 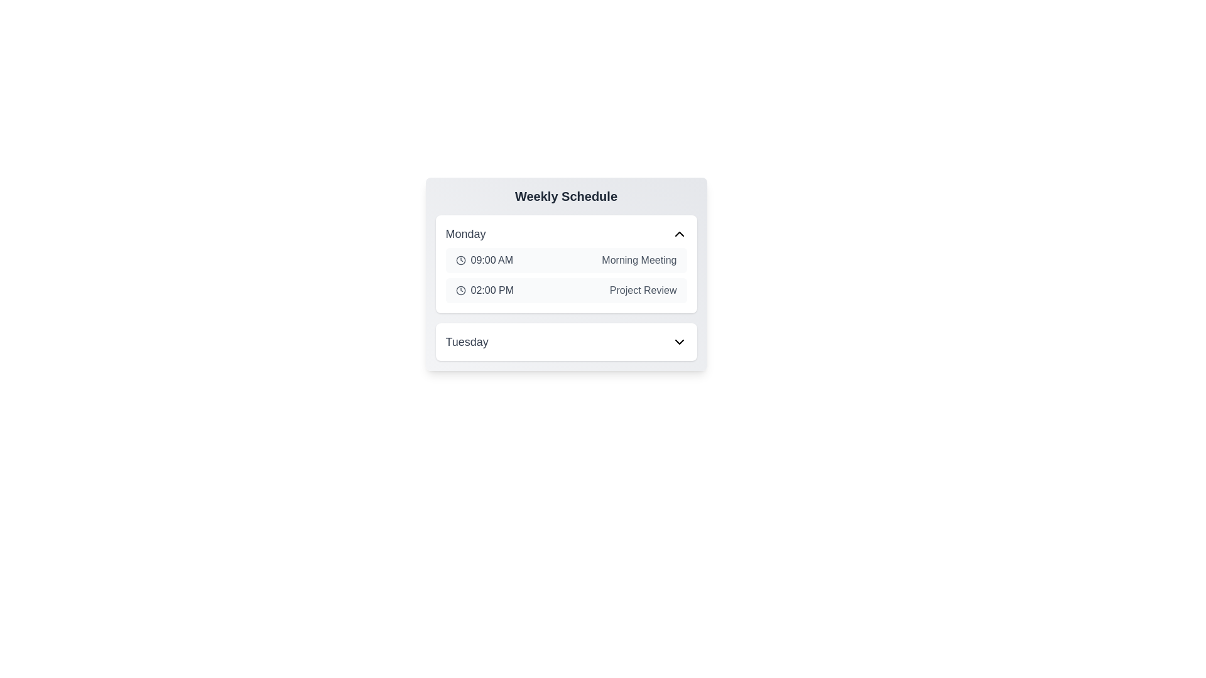 What do you see at coordinates (678, 342) in the screenshot?
I see `from the downward chevron icon located on the right side of the 'Tuesday' bar` at bounding box center [678, 342].